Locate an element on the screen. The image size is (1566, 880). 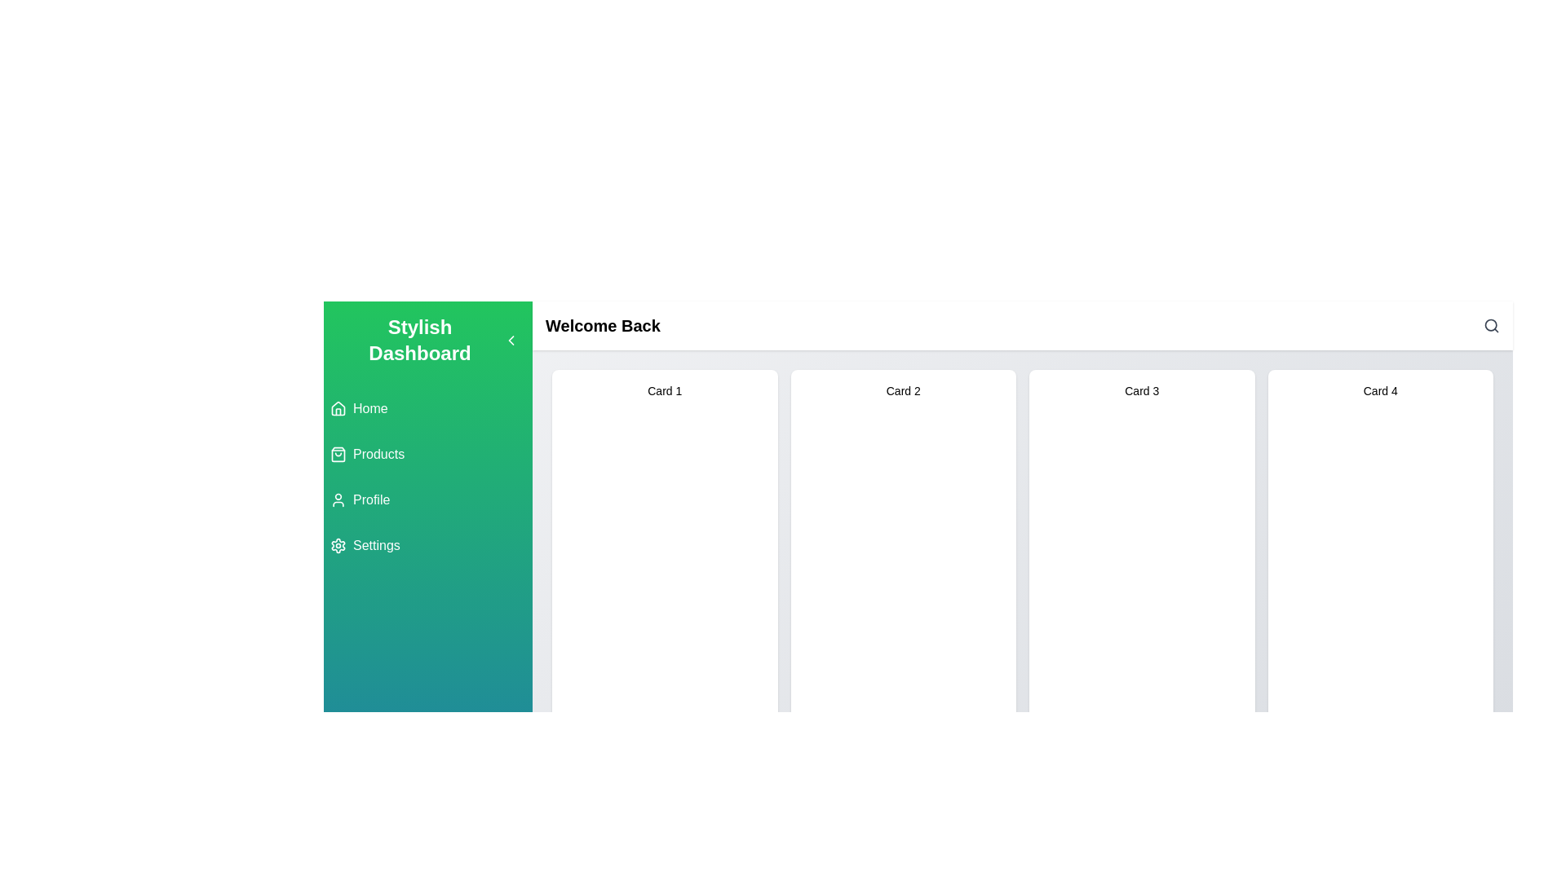
the 'Home' text label located is located at coordinates (369, 407).